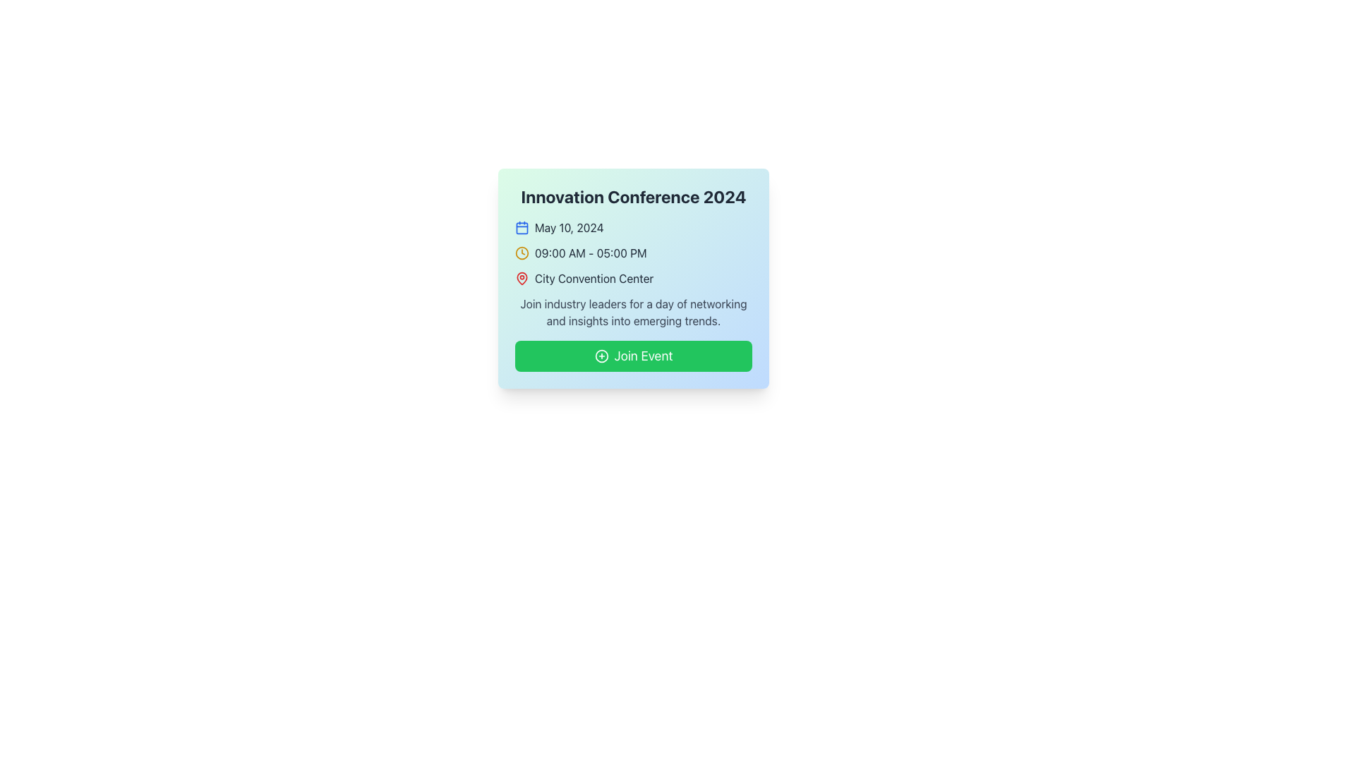 This screenshot has height=762, width=1355. Describe the element at coordinates (632, 312) in the screenshot. I see `the multi-line text block that contains the message about networking and insights, located above the 'Join Event' button` at that location.